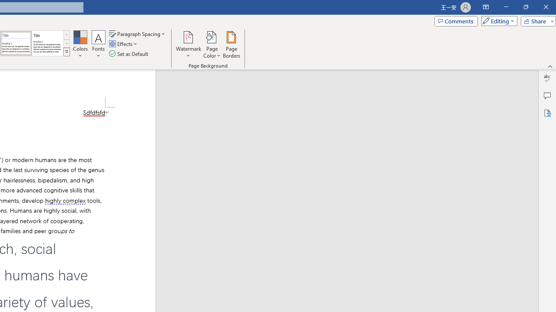 This screenshot has width=556, height=312. Describe the element at coordinates (99, 45) in the screenshot. I see `'Fonts'` at that location.